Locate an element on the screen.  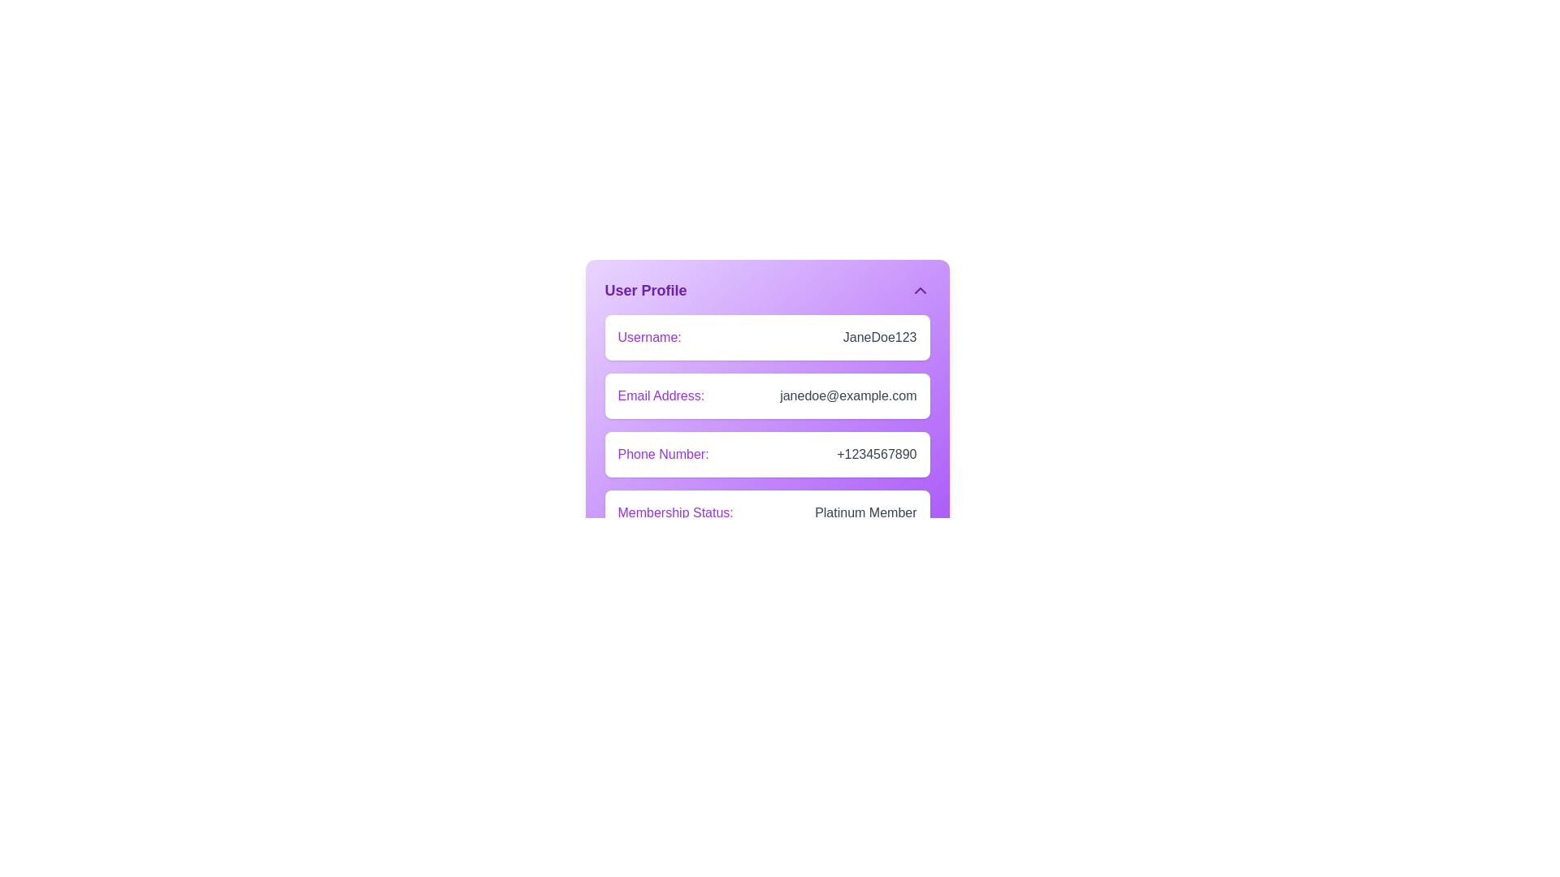
the static text label displaying the user's membership level, which is located within the card interface under the header 'Membership Status:' is located at coordinates (864, 513).